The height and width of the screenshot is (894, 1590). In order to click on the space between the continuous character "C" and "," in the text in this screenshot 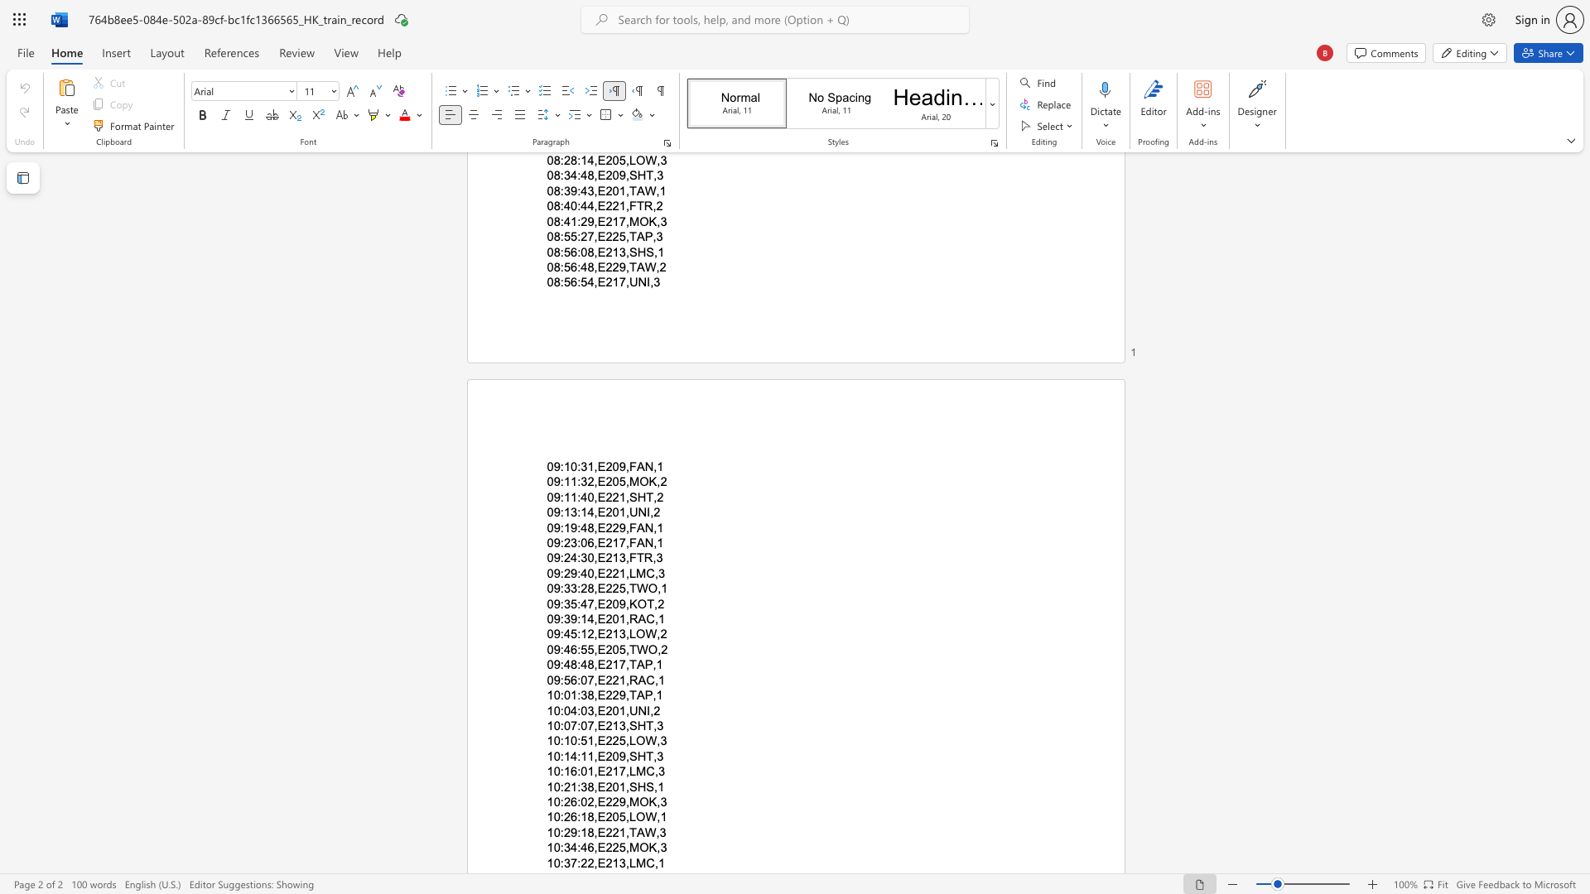, I will do `click(653, 771)`.